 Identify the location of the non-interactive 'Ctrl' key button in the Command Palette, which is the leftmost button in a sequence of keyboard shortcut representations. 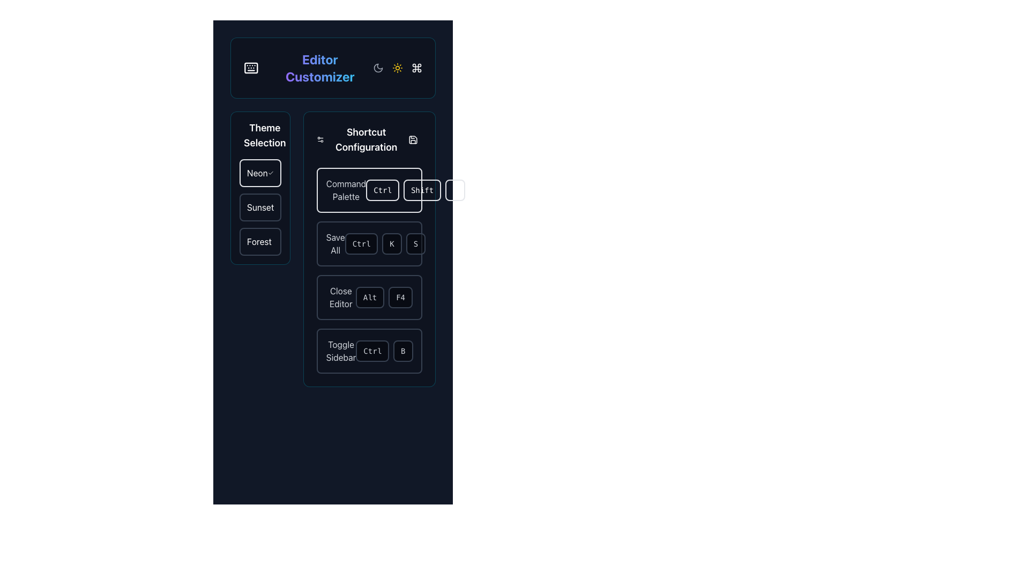
(383, 189).